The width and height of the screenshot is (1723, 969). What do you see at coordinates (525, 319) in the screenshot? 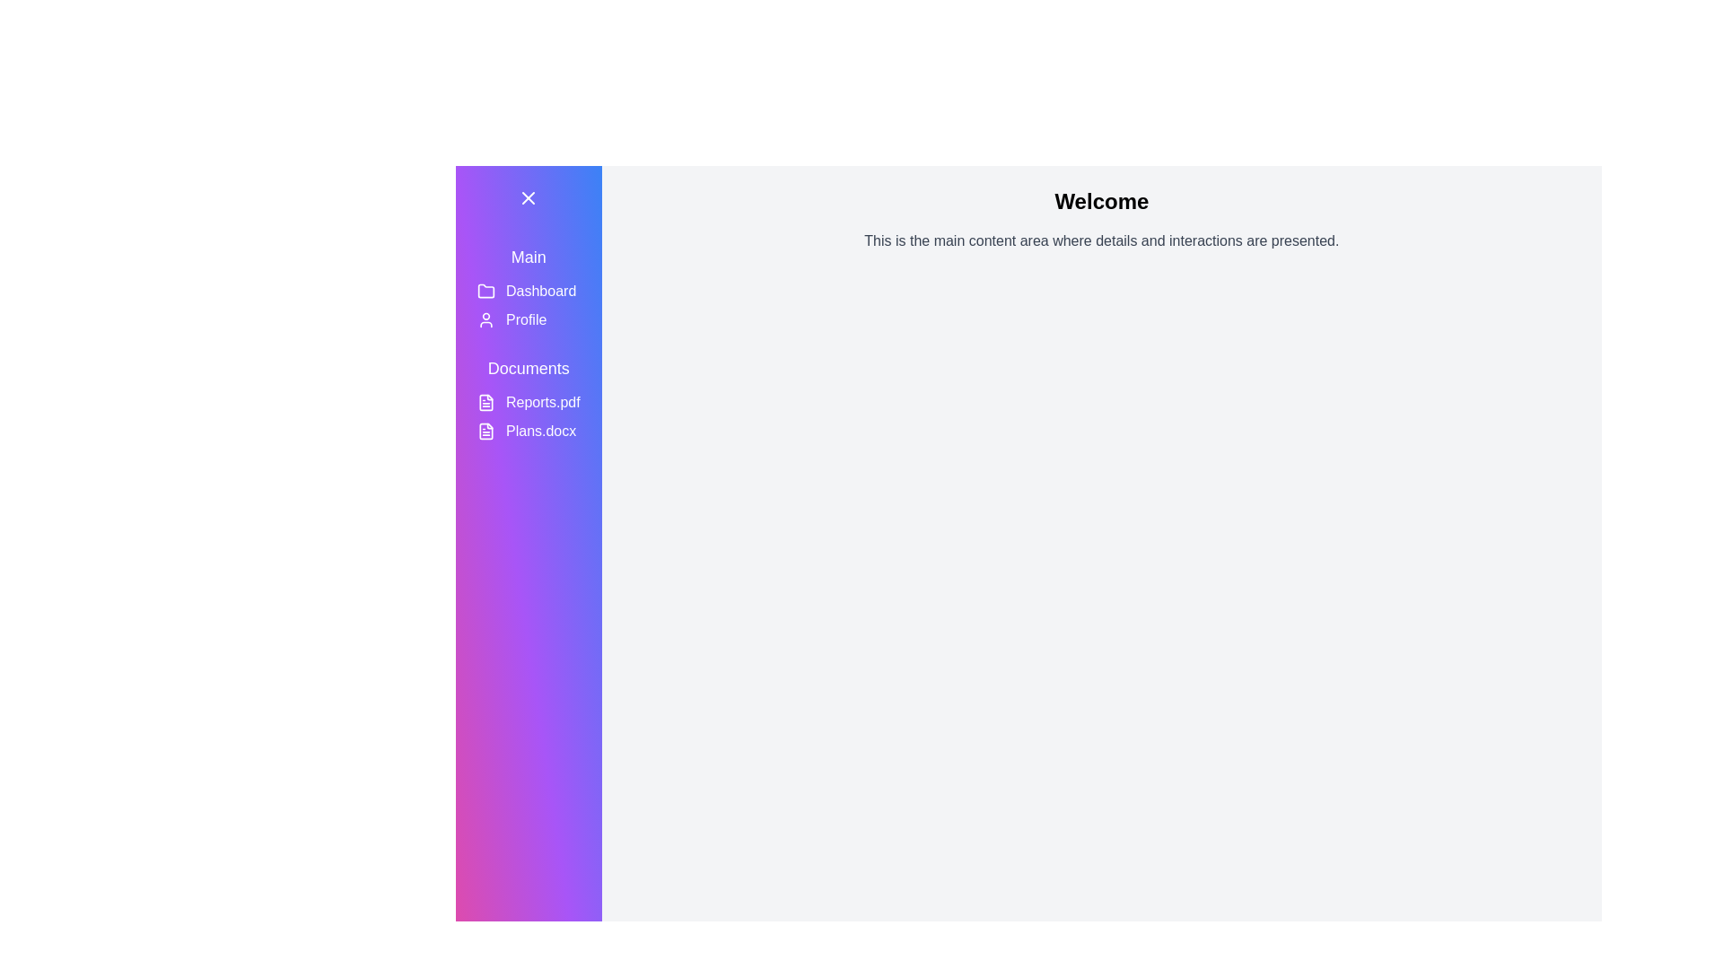
I see `the 'Profile' menu item in the sidebar, which is located under 'Dashboard' and next to the user avatar icon` at bounding box center [525, 319].